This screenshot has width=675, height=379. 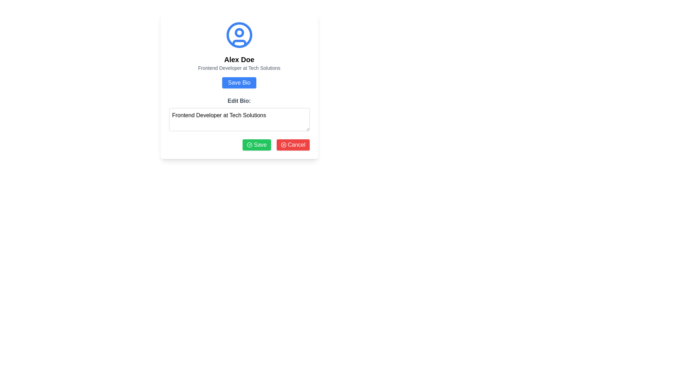 What do you see at coordinates (239, 68) in the screenshot?
I see `the static text display that reads 'Frontend Developer at Tech Solutions', which is styled in gray and located below the name 'Alex Doe'` at bounding box center [239, 68].